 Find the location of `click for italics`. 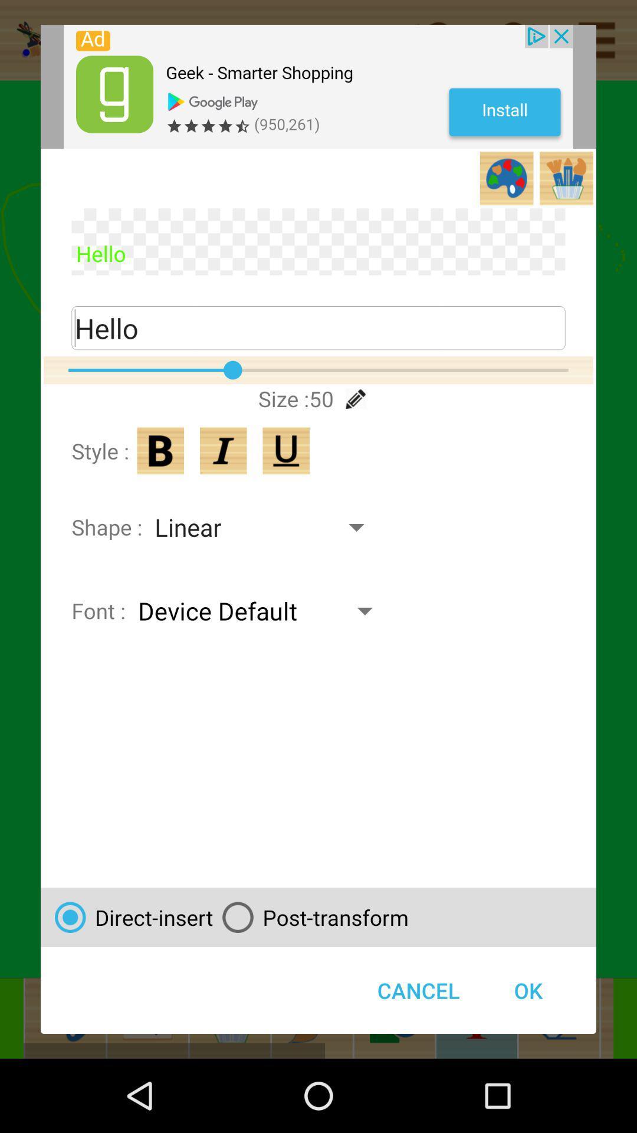

click for italics is located at coordinates (223, 450).